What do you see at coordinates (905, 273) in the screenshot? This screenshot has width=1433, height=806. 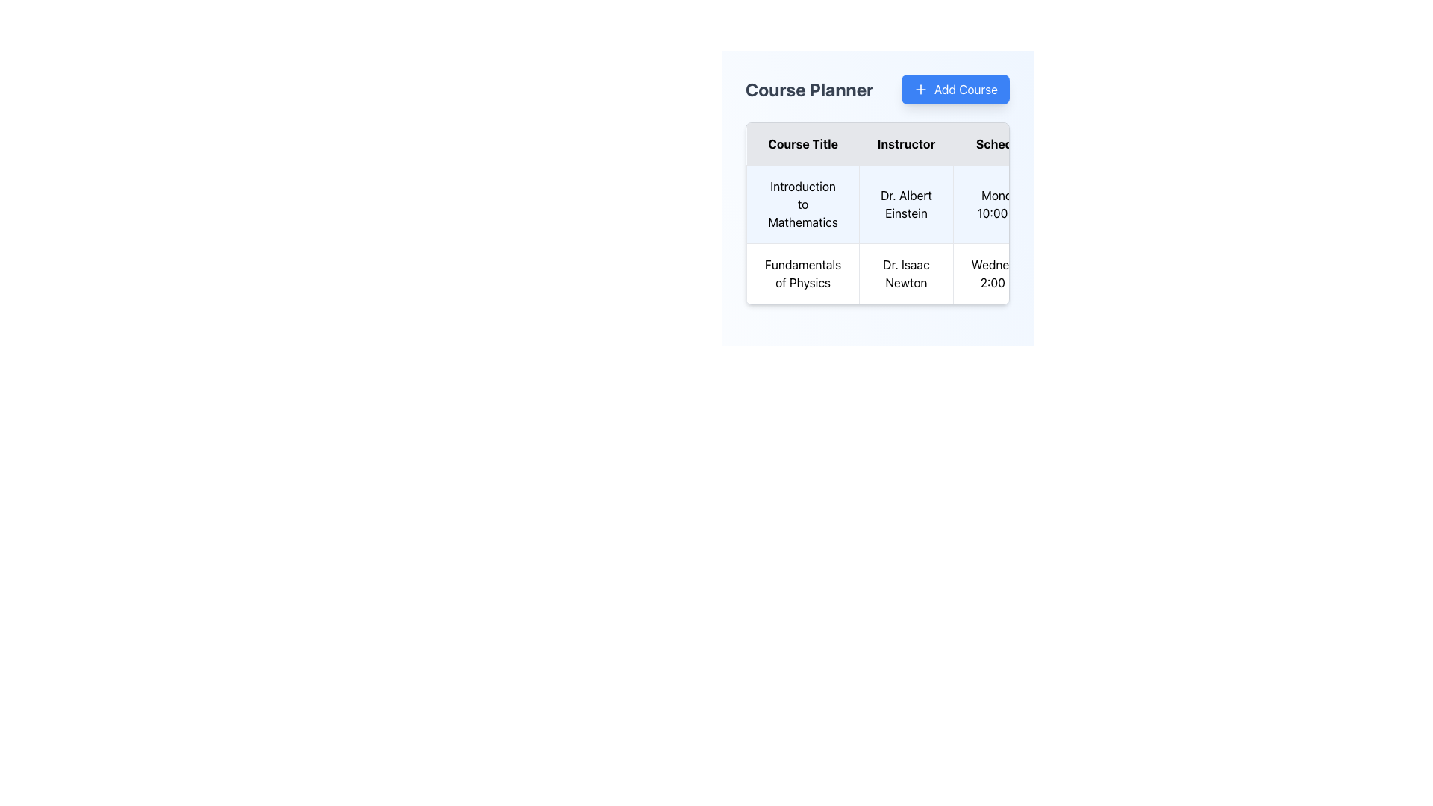 I see `the text label displaying 'Dr. Isaac Newton' in the 'Instructor' column of the data table under the course 'Fundamentals of Physics'` at bounding box center [905, 273].